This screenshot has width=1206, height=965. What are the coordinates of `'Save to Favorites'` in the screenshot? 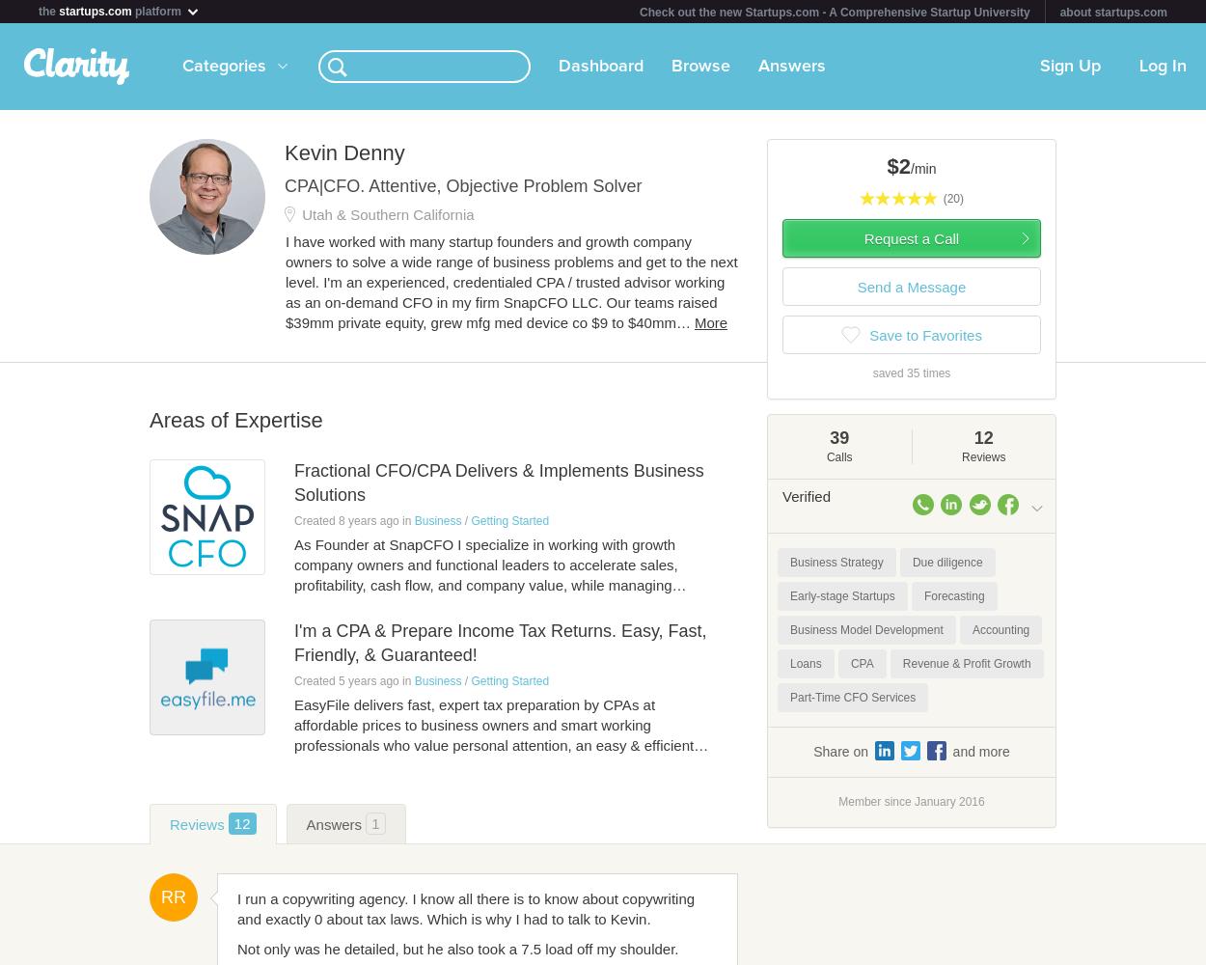 It's located at (924, 334).